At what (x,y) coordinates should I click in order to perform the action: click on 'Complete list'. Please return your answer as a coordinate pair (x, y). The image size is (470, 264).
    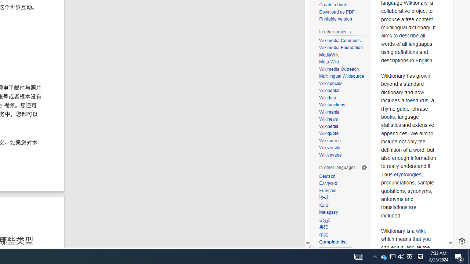
    Looking at the image, I should click on (343, 242).